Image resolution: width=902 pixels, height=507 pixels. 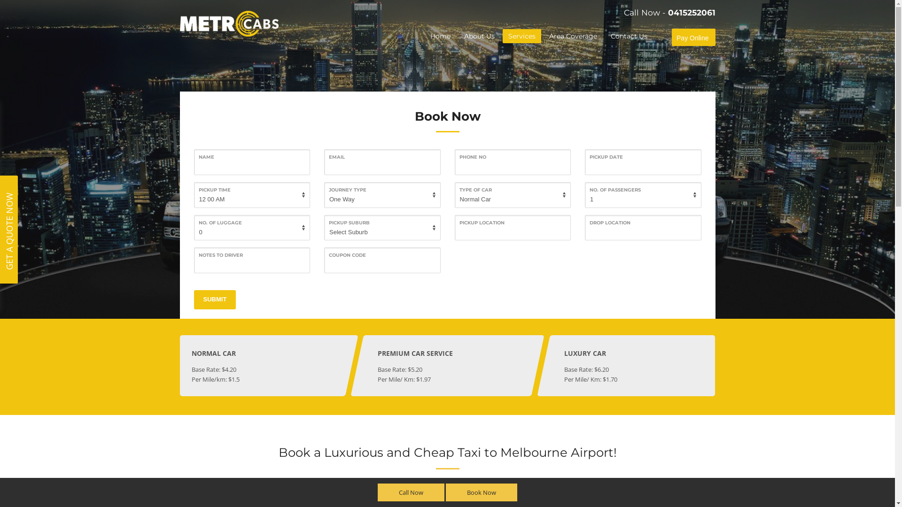 I want to click on 'Area Coverage', so click(x=543, y=36).